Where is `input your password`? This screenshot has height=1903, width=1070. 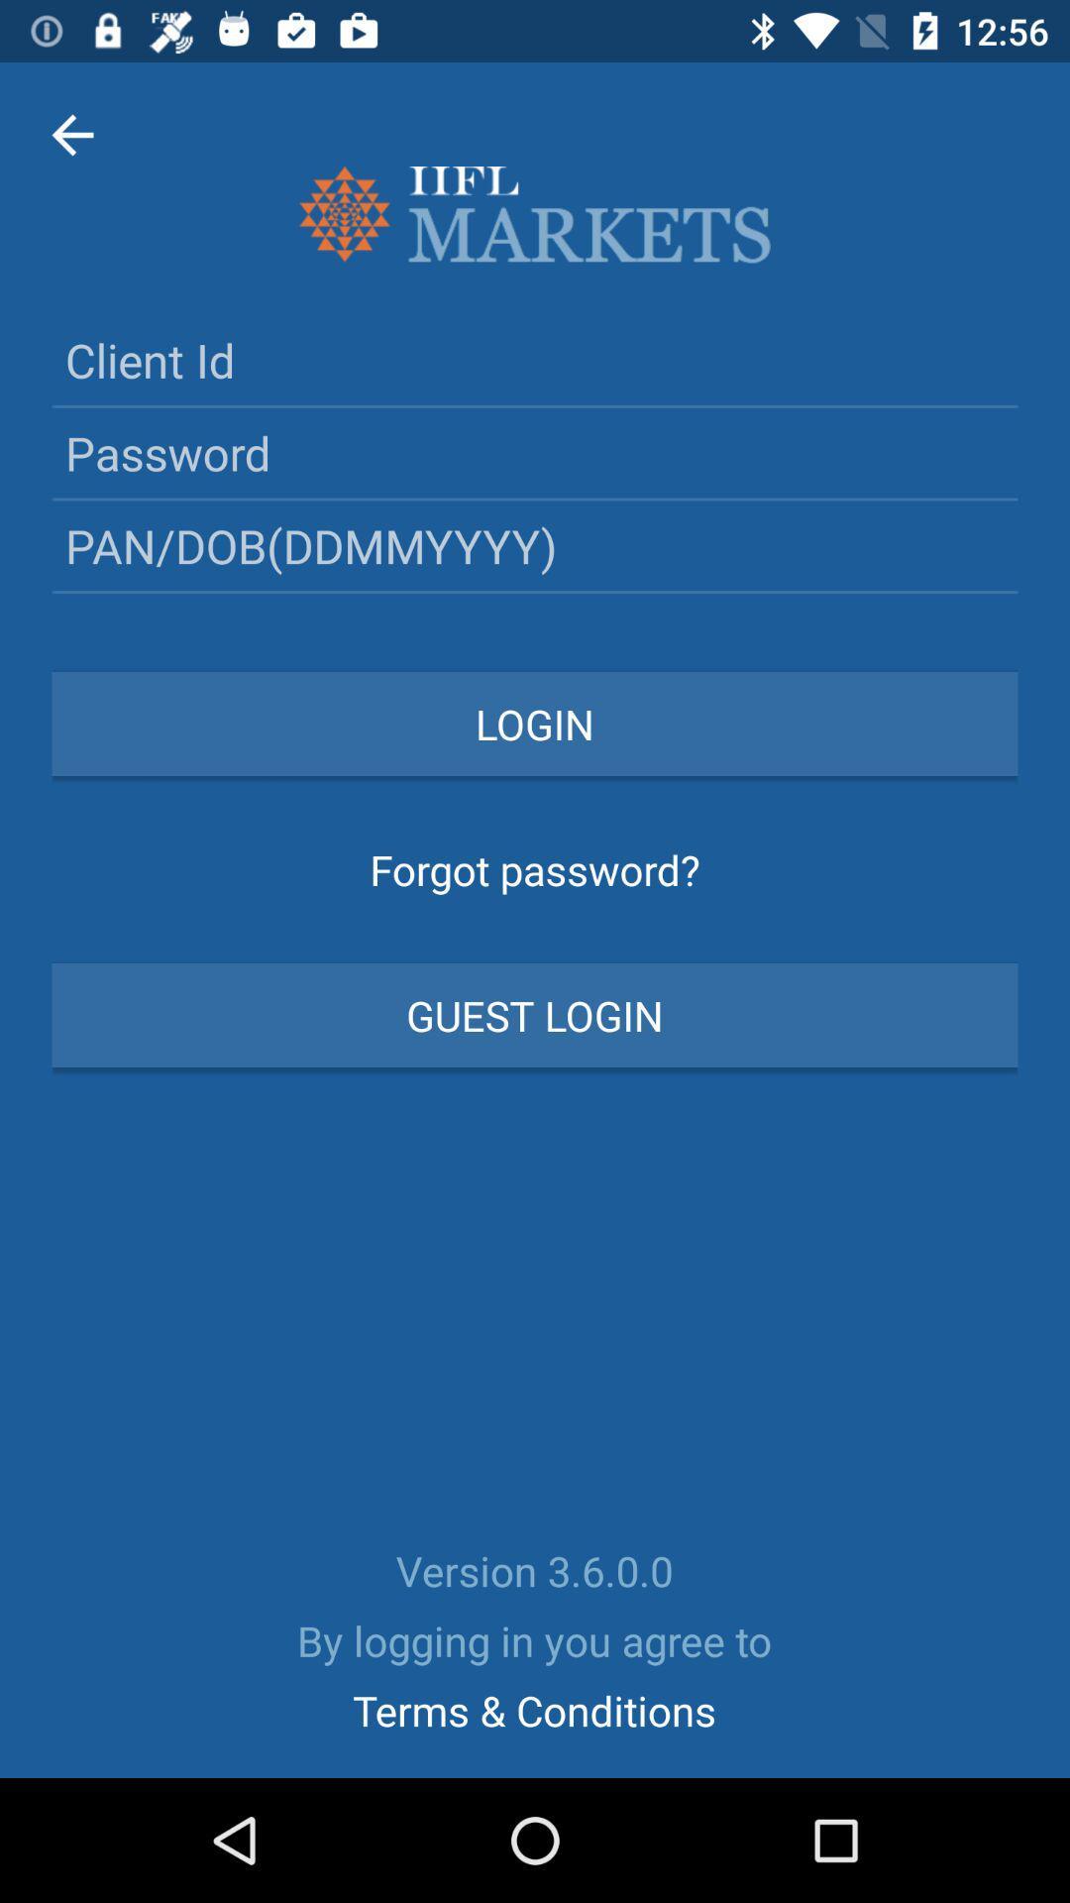 input your password is located at coordinates (535, 452).